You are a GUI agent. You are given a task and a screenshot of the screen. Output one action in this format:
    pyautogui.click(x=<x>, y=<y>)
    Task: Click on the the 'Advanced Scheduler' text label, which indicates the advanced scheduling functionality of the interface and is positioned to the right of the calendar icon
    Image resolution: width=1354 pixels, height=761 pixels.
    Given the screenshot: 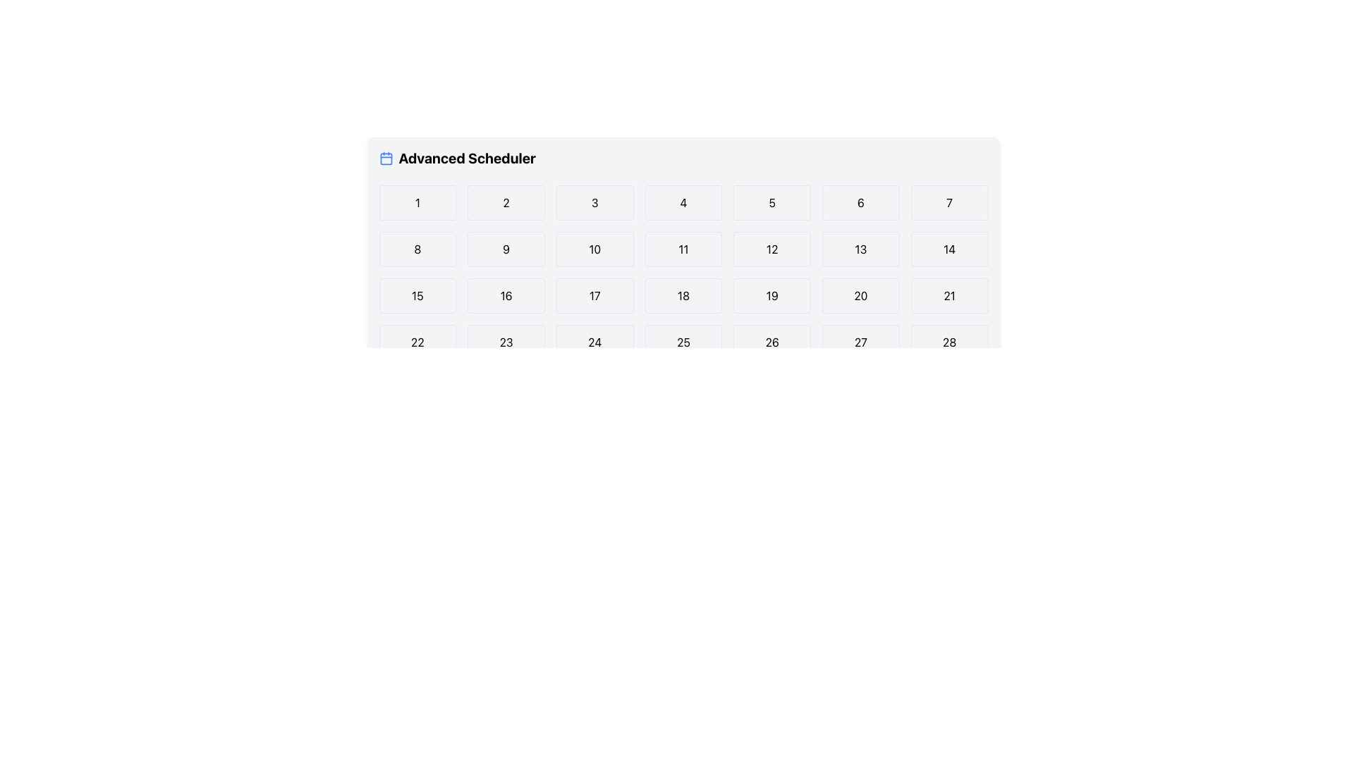 What is the action you would take?
    pyautogui.click(x=467, y=158)
    